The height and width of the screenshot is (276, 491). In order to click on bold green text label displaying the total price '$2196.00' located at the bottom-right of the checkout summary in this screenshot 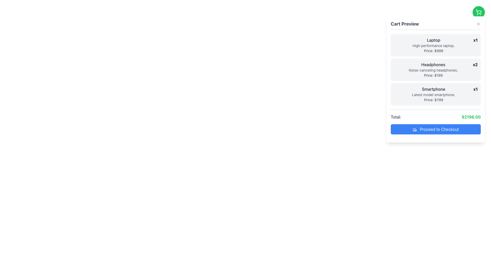, I will do `click(471, 117)`.